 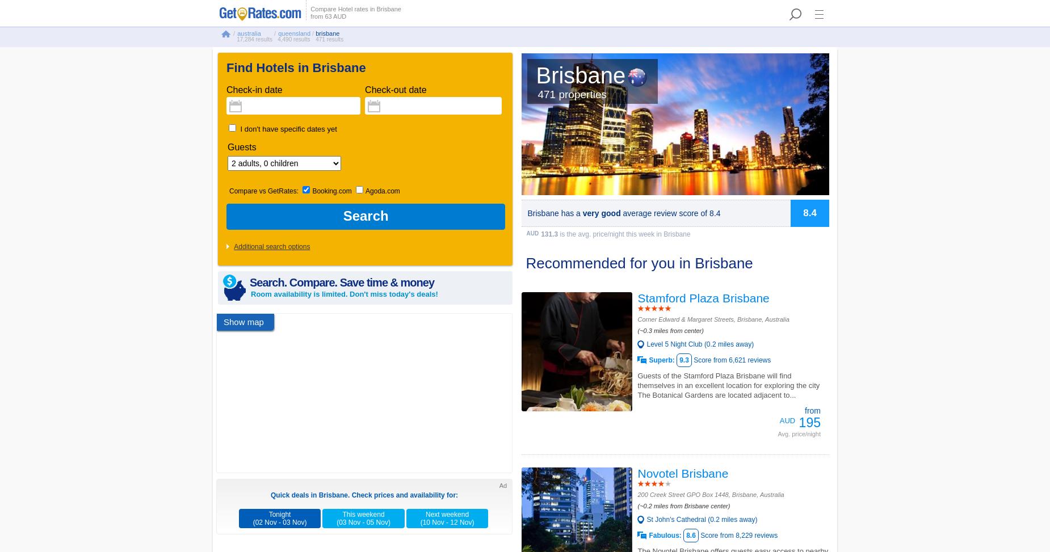 What do you see at coordinates (683, 506) in the screenshot?
I see `'(~0.2 miles from Brisbane center)'` at bounding box center [683, 506].